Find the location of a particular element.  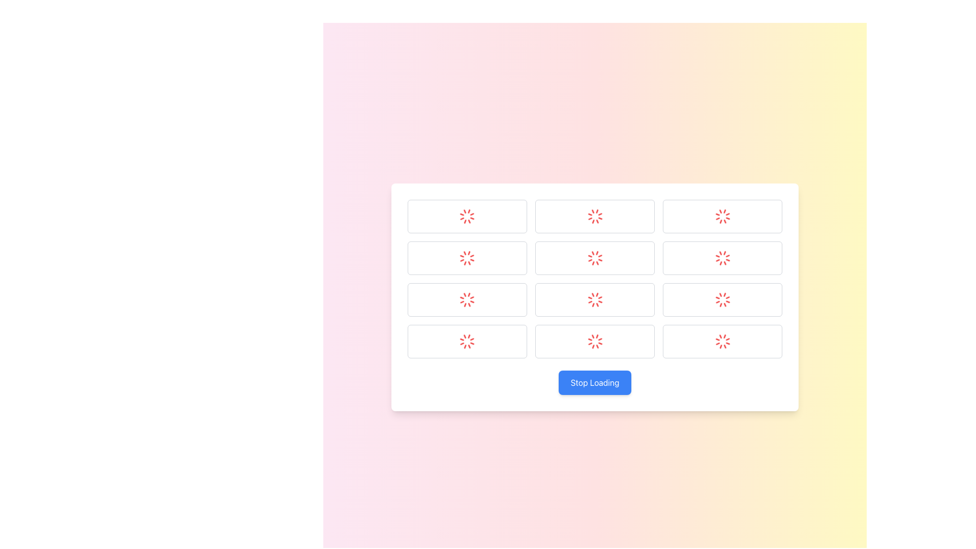

the spinning animation of the loader icon located at the center of the grid in the second row and second column is located at coordinates (467, 258).